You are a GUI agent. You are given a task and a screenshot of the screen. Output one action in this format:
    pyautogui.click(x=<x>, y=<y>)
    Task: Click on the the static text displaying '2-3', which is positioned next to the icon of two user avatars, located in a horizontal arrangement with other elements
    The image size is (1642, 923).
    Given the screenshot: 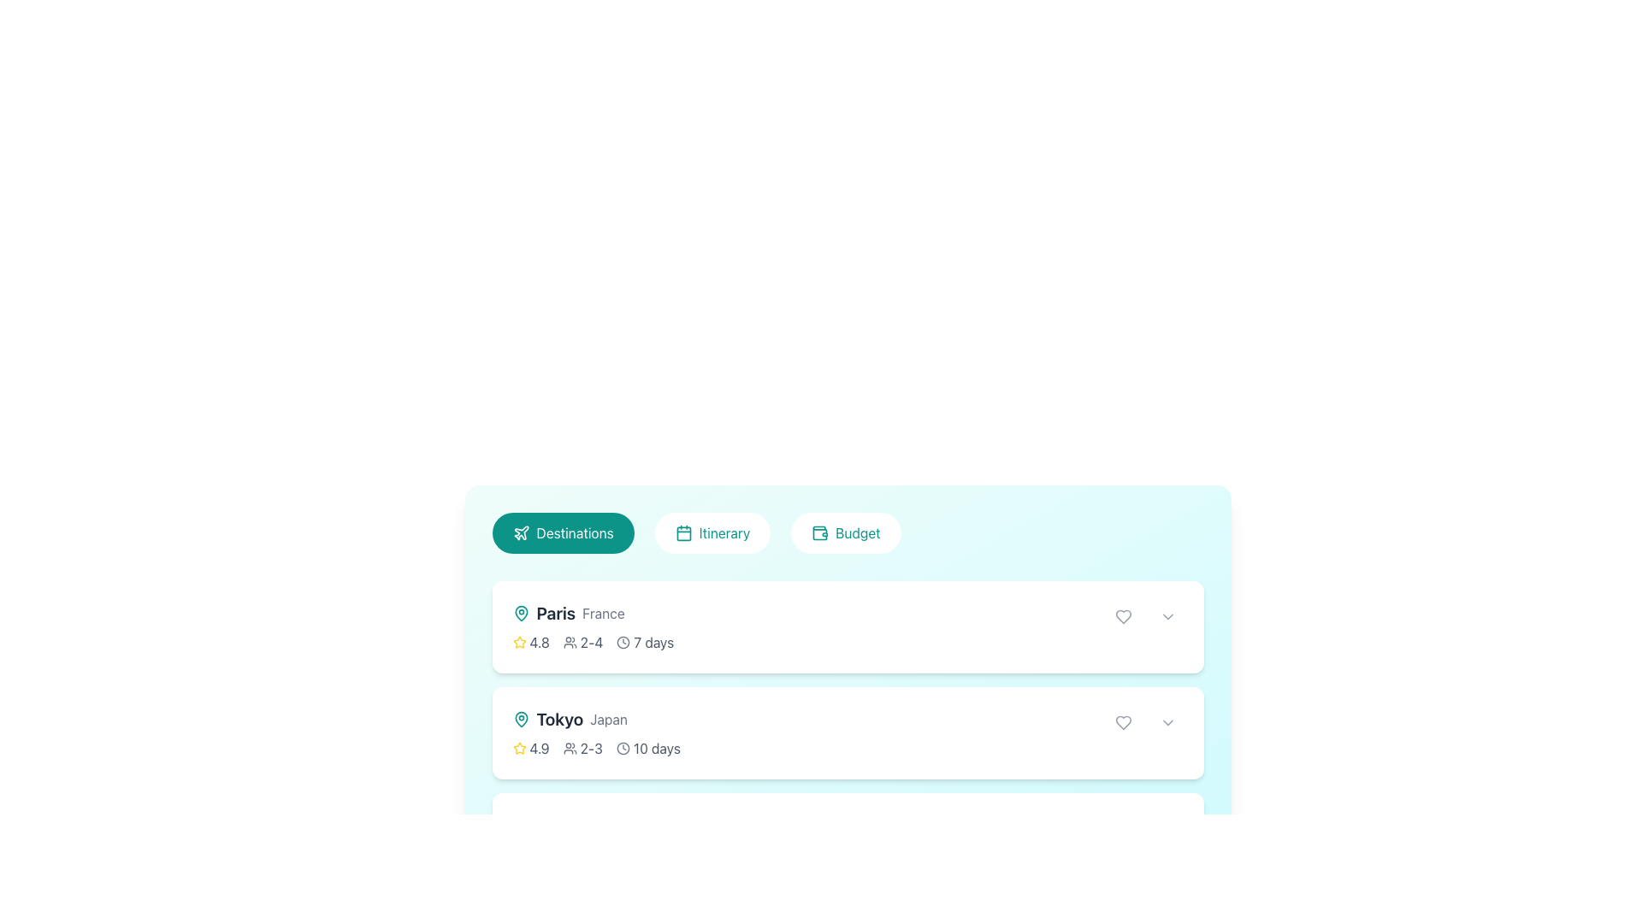 What is the action you would take?
    pyautogui.click(x=582, y=747)
    